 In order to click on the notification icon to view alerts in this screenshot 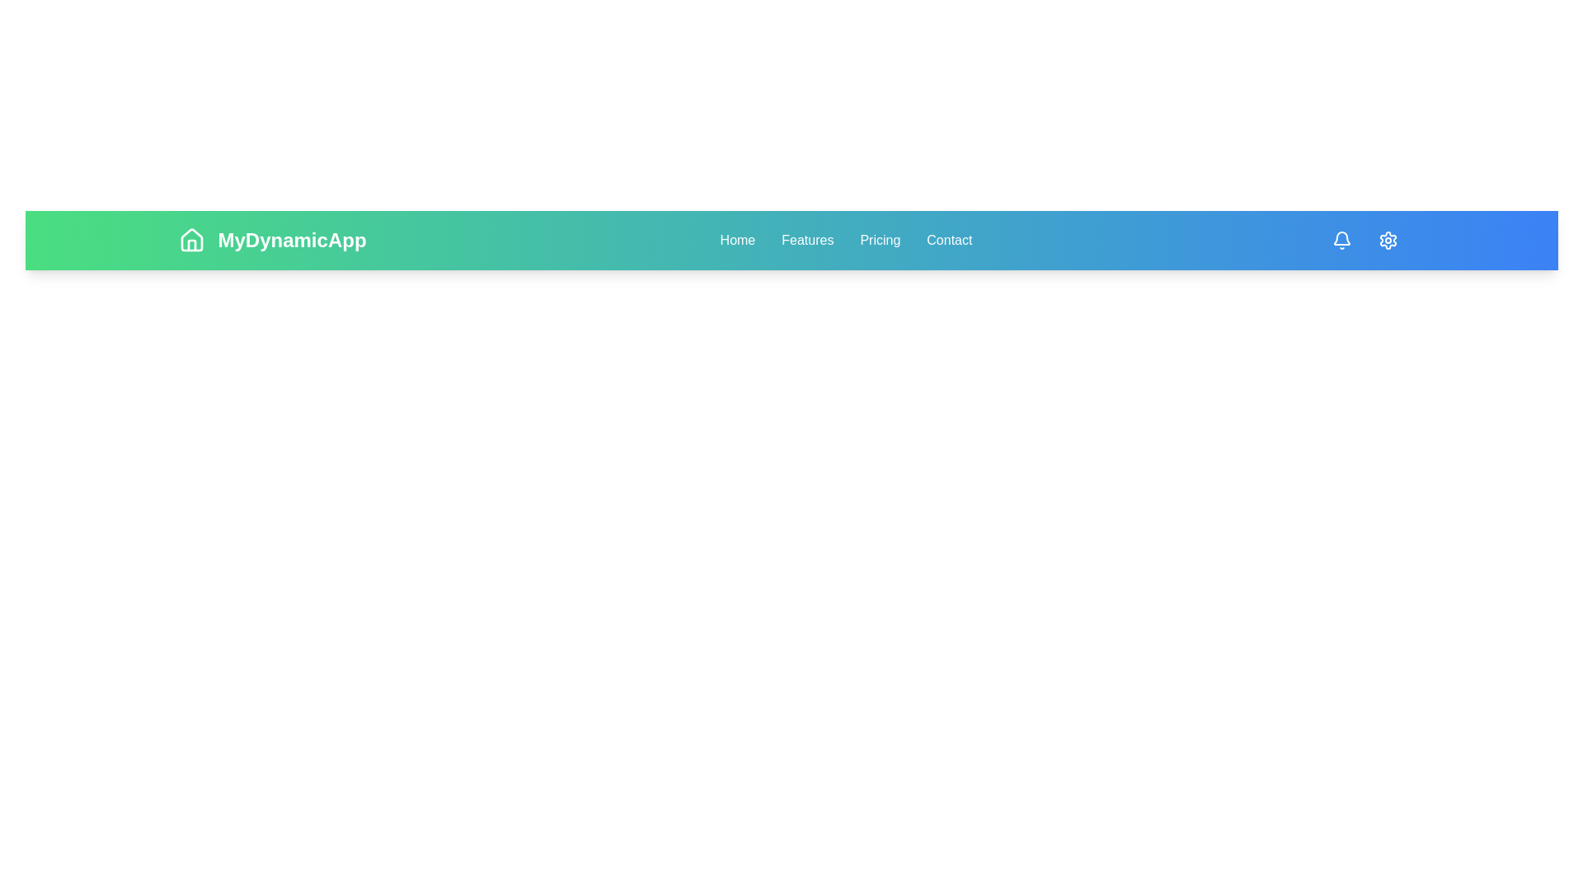, I will do `click(1342, 241)`.